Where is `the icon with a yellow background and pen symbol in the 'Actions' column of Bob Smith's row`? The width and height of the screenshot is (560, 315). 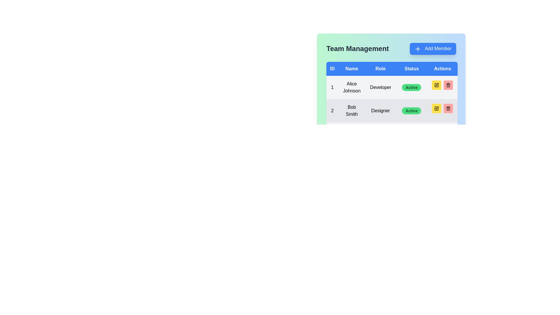
the icon with a yellow background and pen symbol in the 'Actions' column of Bob Smith's row is located at coordinates (437, 85).